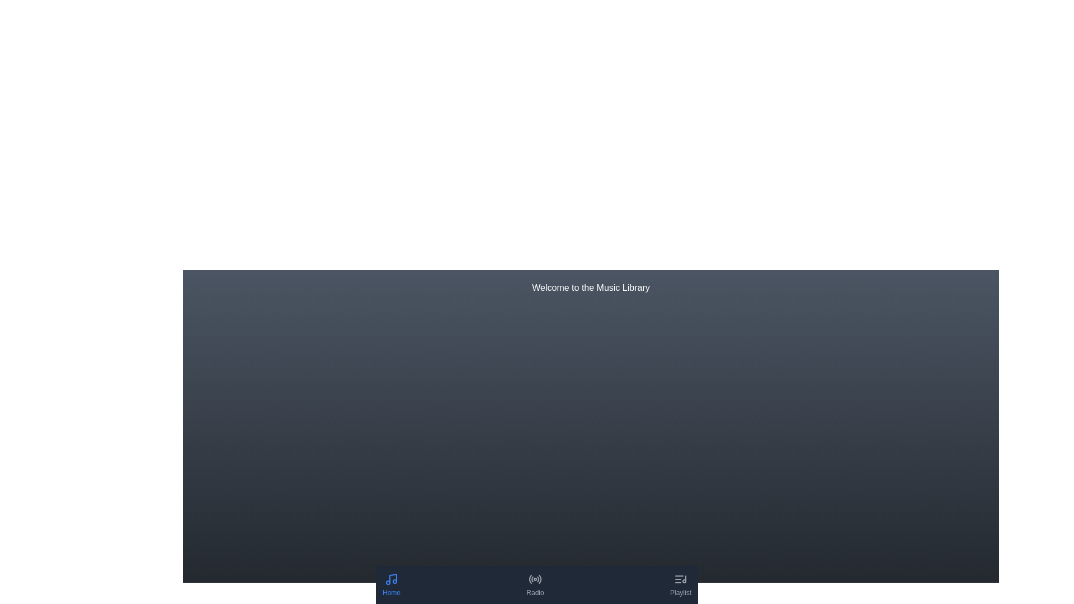 This screenshot has height=604, width=1074. I want to click on the centered text label reading 'Welcome to the Music Library' displayed on a dark blue background, so click(590, 287).